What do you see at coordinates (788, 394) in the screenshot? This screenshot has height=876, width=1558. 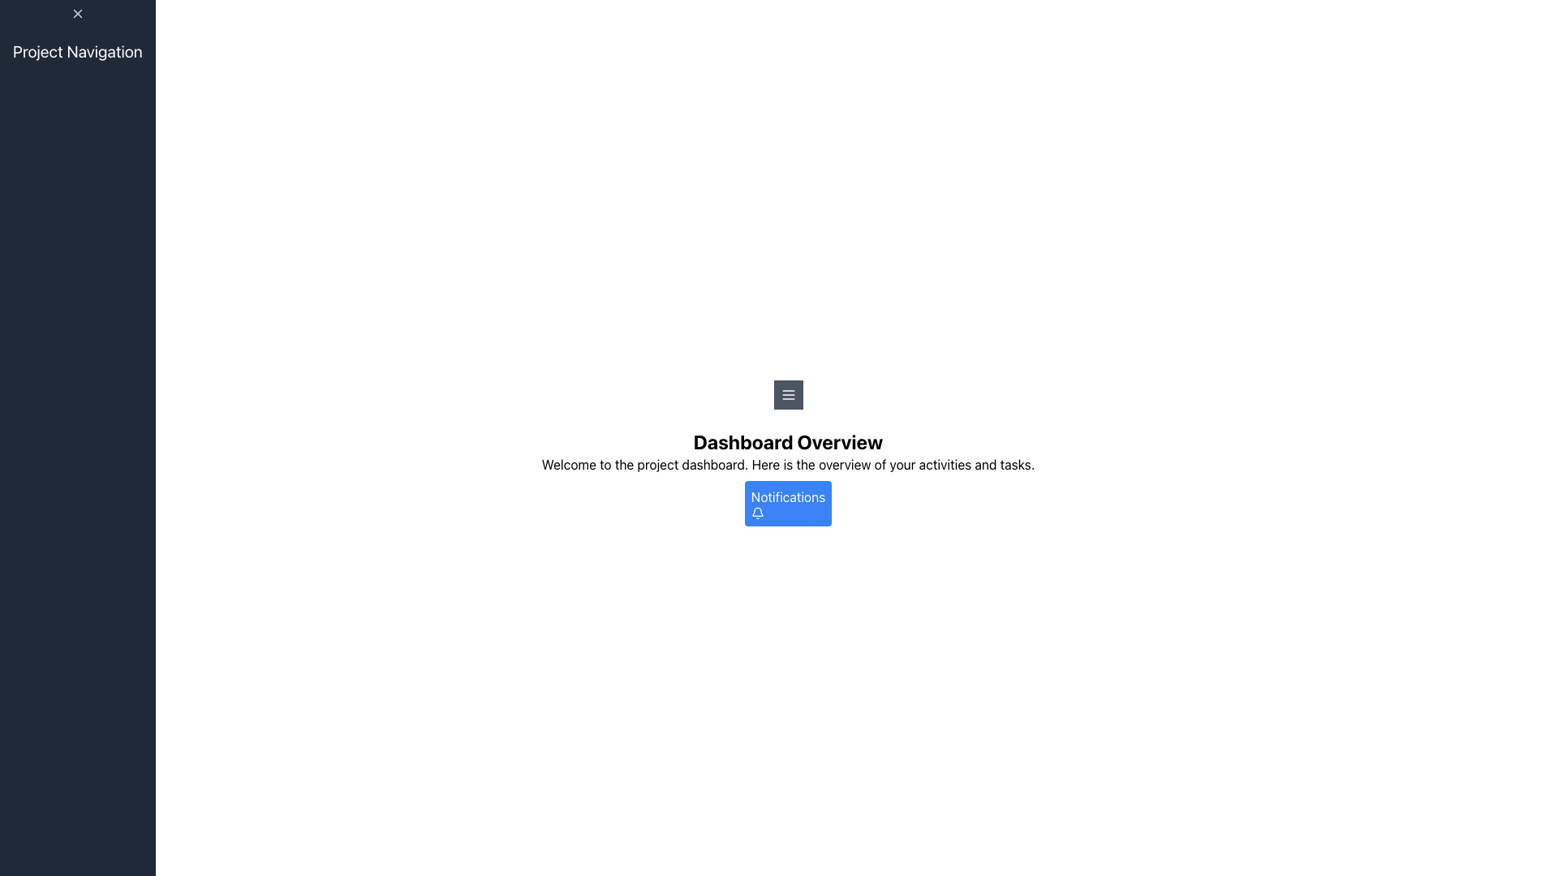 I see `the gray menu icon with three horizontal white lines` at bounding box center [788, 394].